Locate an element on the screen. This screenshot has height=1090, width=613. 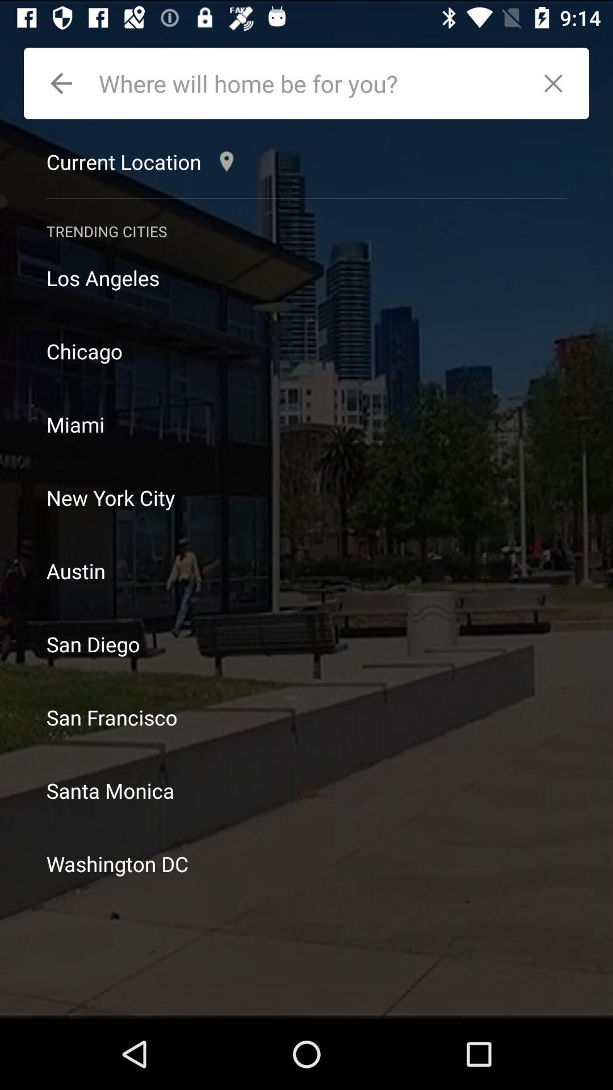
item below the santa monica item is located at coordinates (306, 863).